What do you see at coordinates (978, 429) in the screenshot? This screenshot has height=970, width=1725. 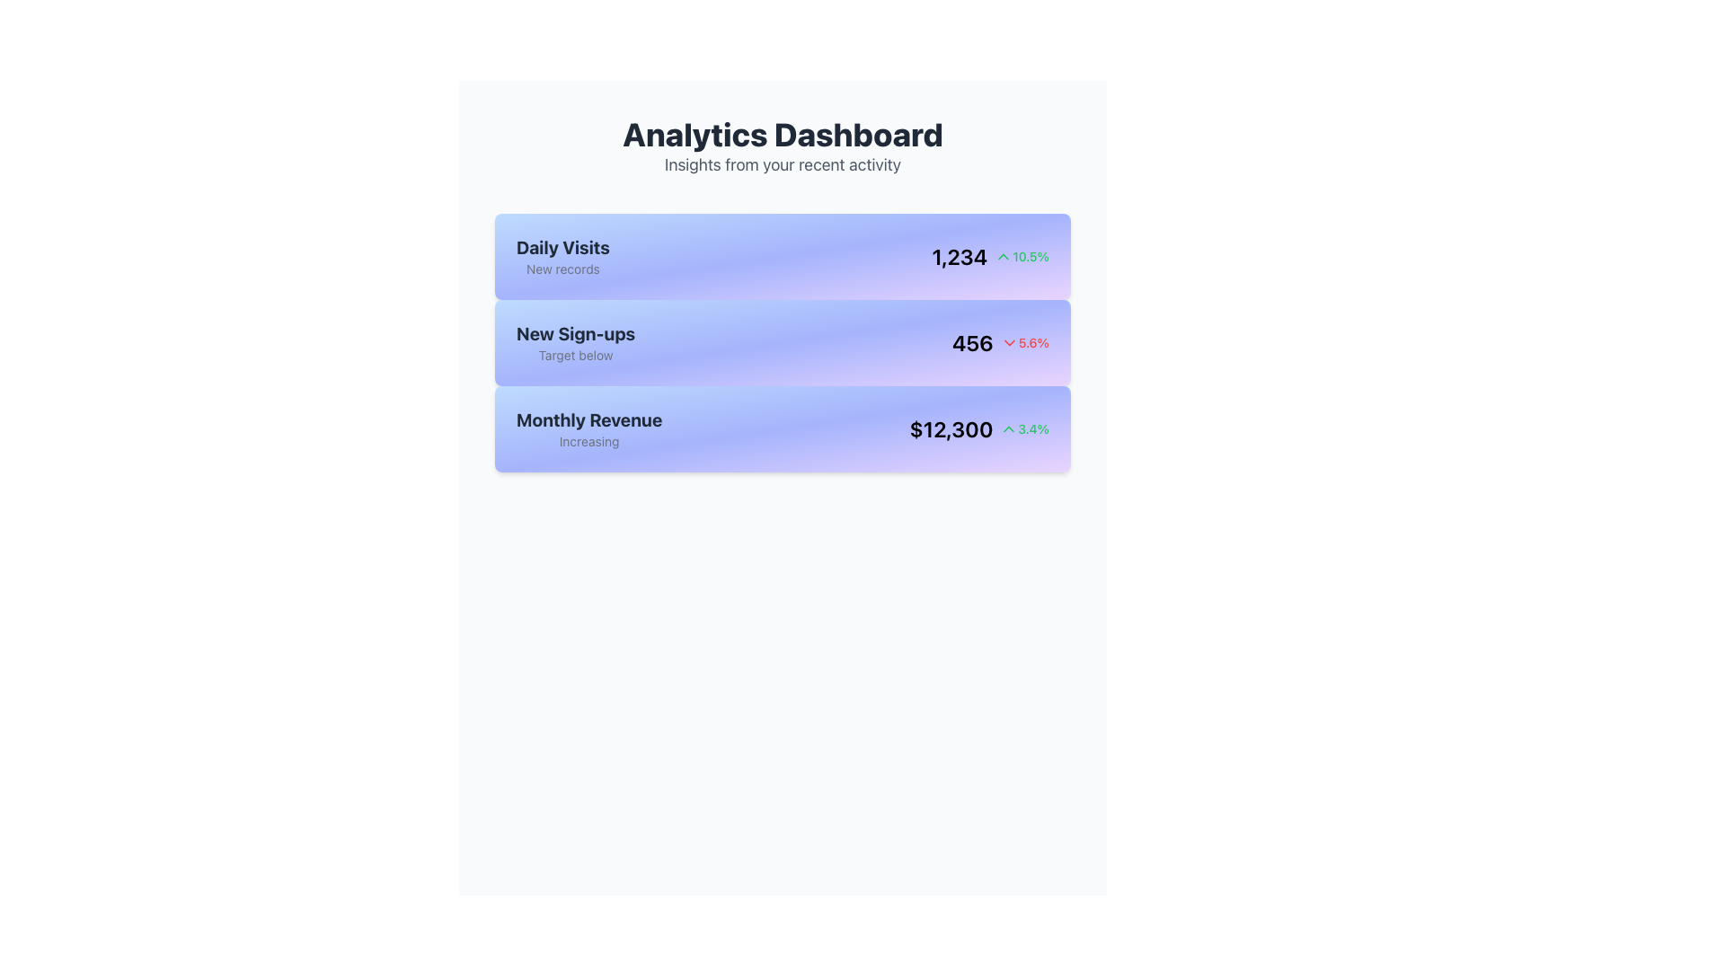 I see `the composite element displaying the value '$12,300' and the upward chevron icon in the 'Monthly Revenue' card located in the lower-right portion of the interface` at bounding box center [978, 429].